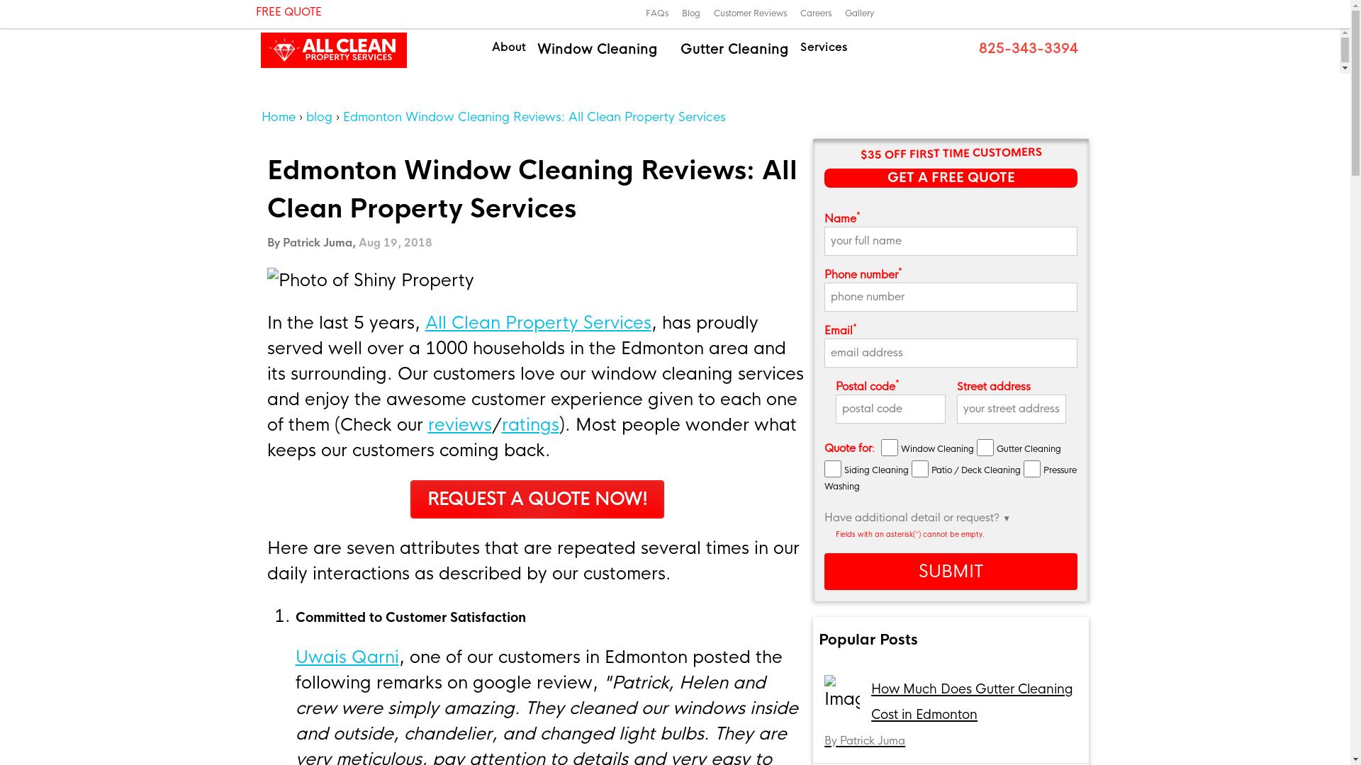  I want to click on ' 825-343-3394', so click(1026, 48).